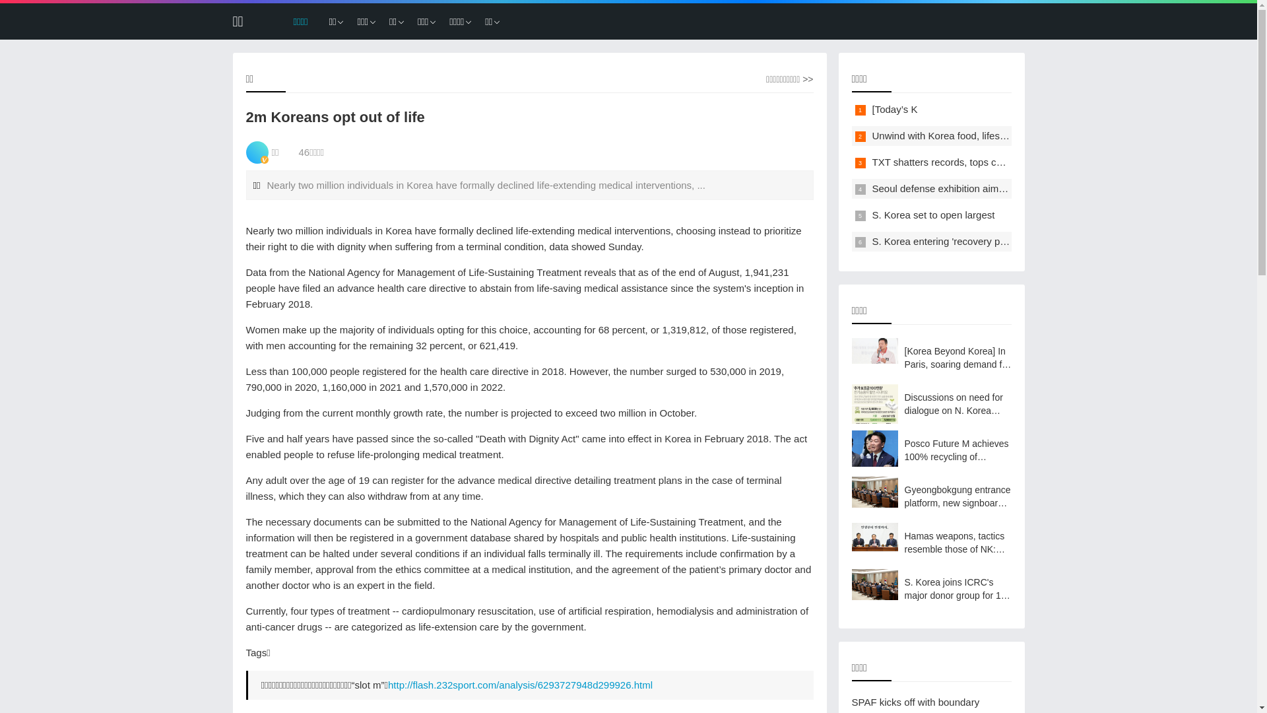 The height and width of the screenshot is (713, 1267). Describe the element at coordinates (872, 188) in the screenshot. I see `'Seoul defense exhibition aims to boost arms exports'` at that location.